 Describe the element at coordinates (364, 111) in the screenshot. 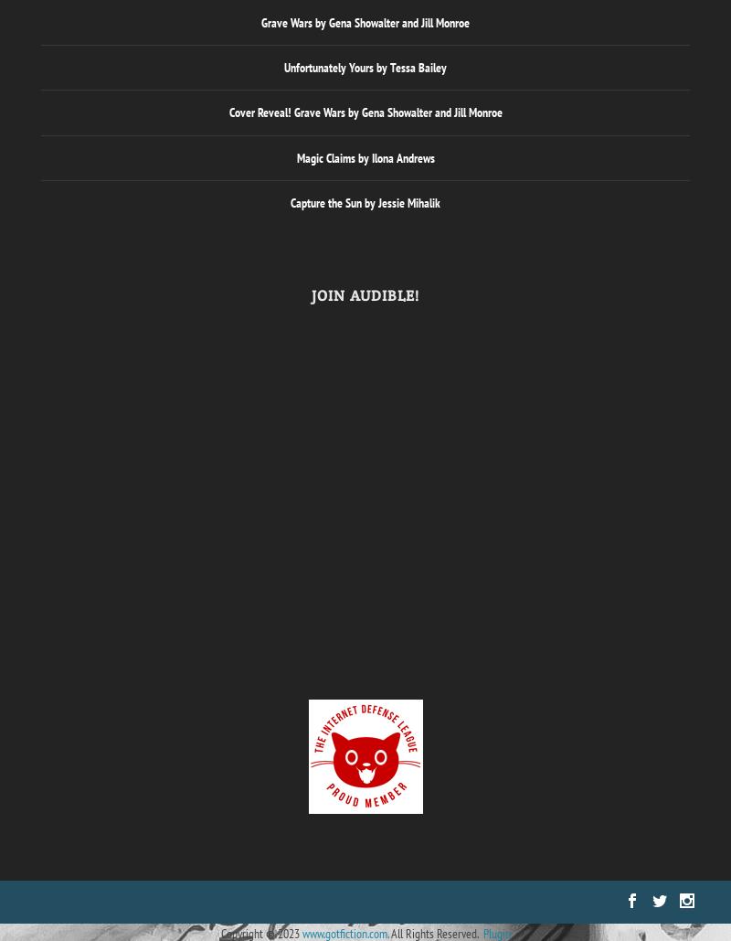

I see `'Cover Reveal! Grave Wars by Gena Showalter and Jill Monroe'` at that location.